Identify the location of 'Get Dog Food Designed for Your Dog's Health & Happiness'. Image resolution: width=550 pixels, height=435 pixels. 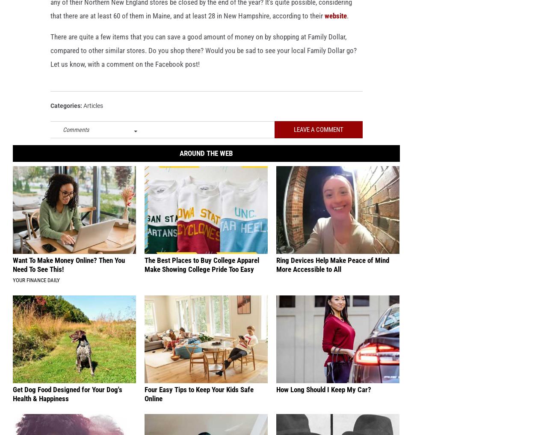
(68, 407).